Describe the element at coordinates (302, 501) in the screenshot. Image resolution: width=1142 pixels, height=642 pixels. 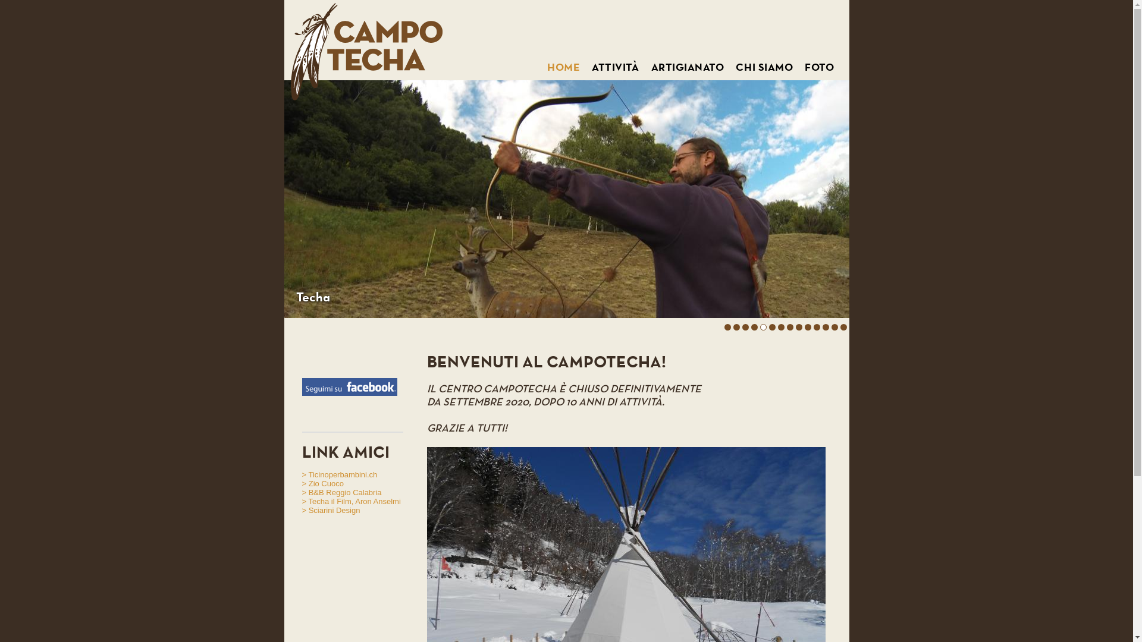
I see `'> Techa il Film, Aron Anselmi'` at that location.